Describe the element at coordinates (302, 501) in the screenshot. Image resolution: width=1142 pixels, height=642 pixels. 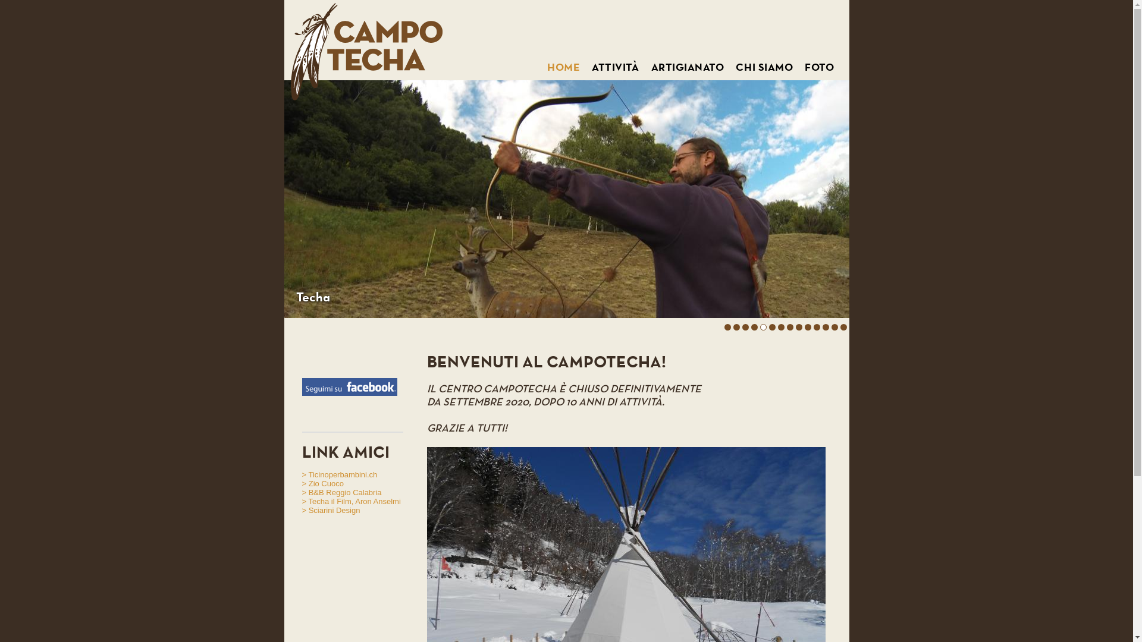
I see `'> Techa il Film, Aron Anselmi'` at that location.